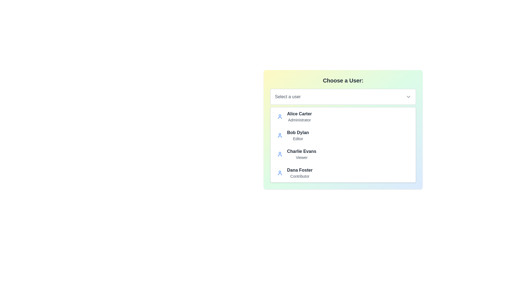 This screenshot has width=530, height=298. I want to click on the second user entry 'Bob Dylan - Editor' in the gradient-colored panel that allows user selection, so click(343, 130).